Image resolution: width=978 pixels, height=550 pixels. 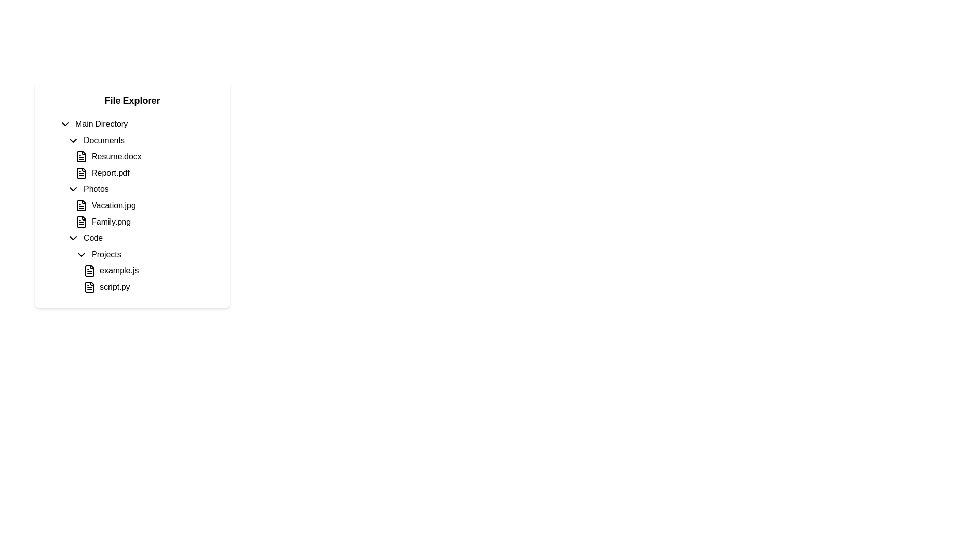 What do you see at coordinates (101, 123) in the screenshot?
I see `the 'Main Directory' text label` at bounding box center [101, 123].